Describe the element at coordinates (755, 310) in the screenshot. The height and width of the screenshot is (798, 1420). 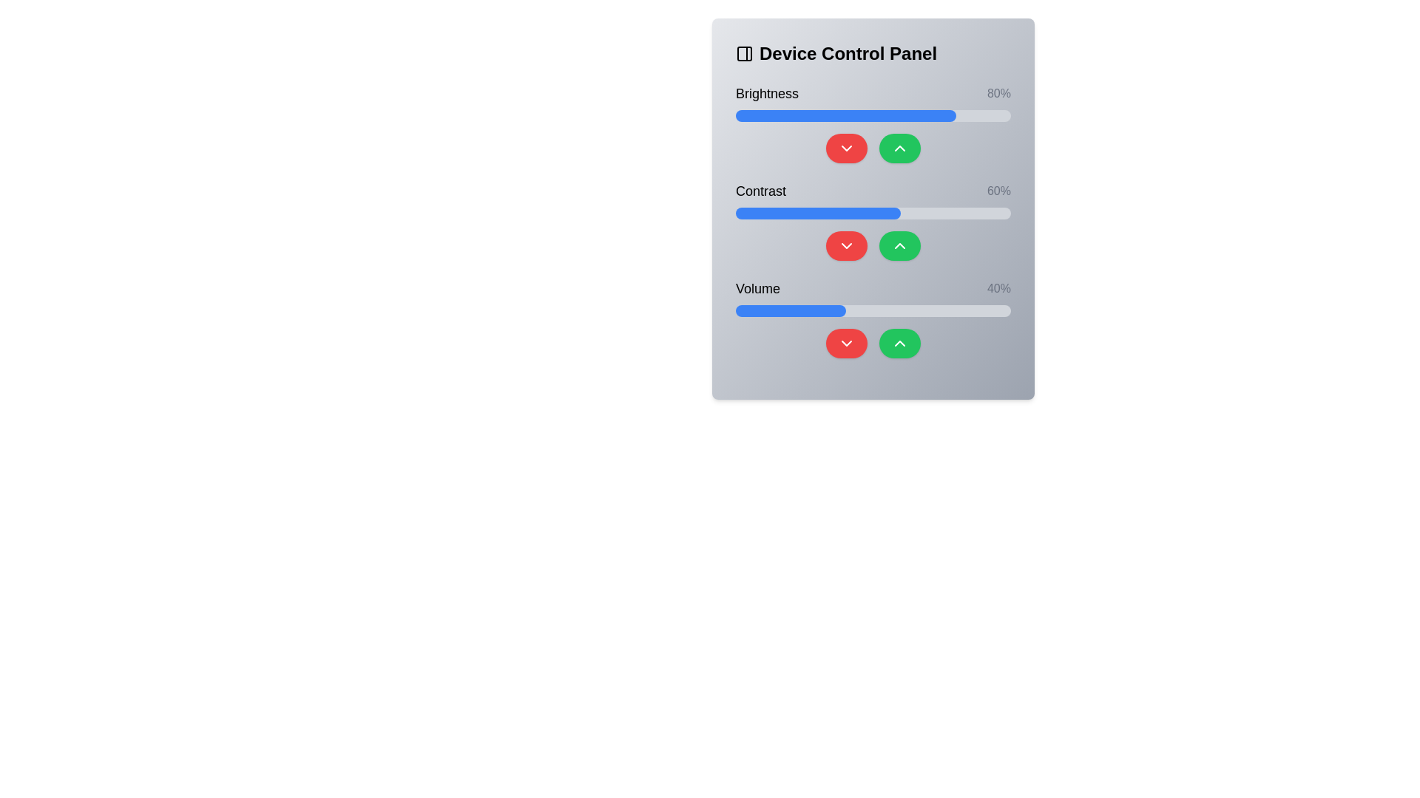
I see `the volume` at that location.